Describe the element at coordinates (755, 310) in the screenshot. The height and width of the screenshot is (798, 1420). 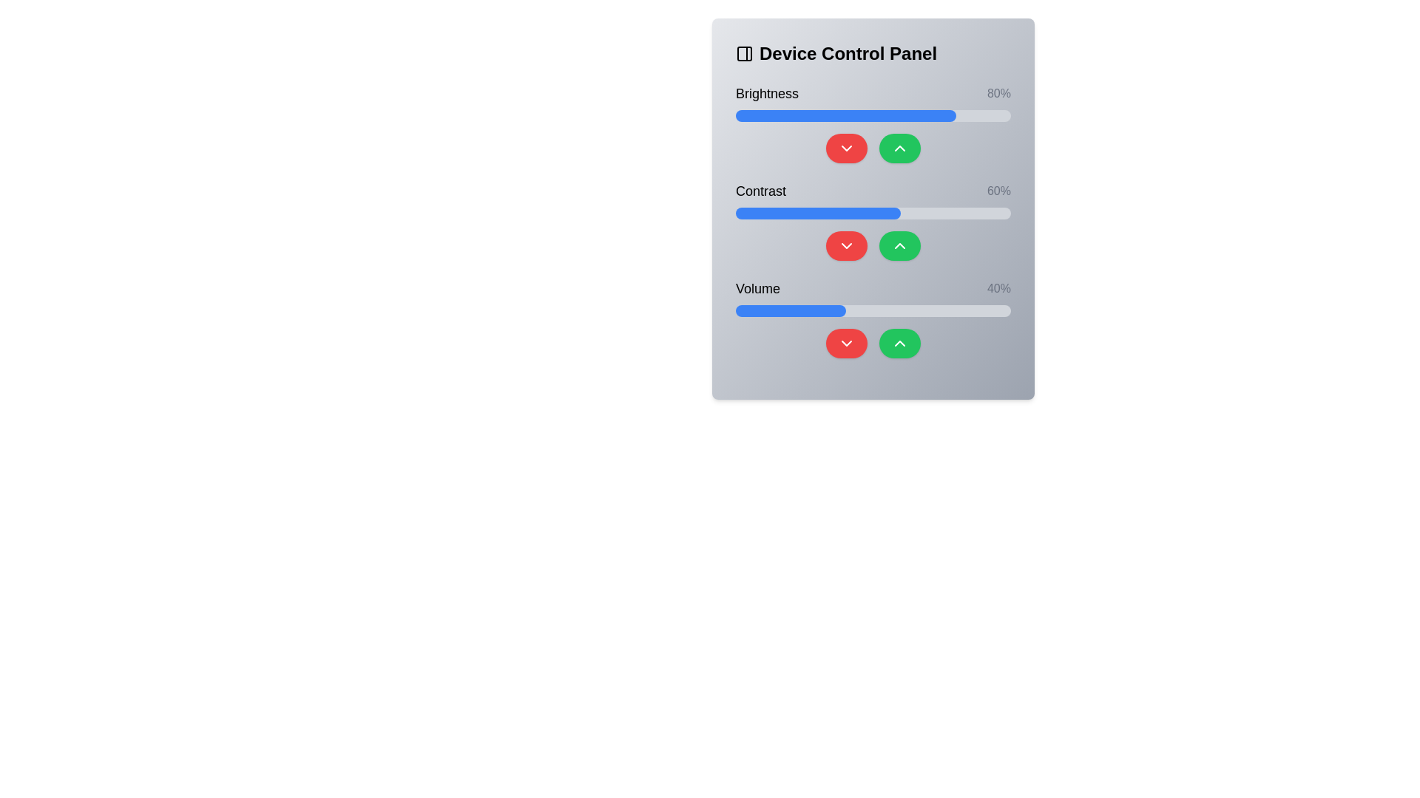
I see `the volume` at that location.